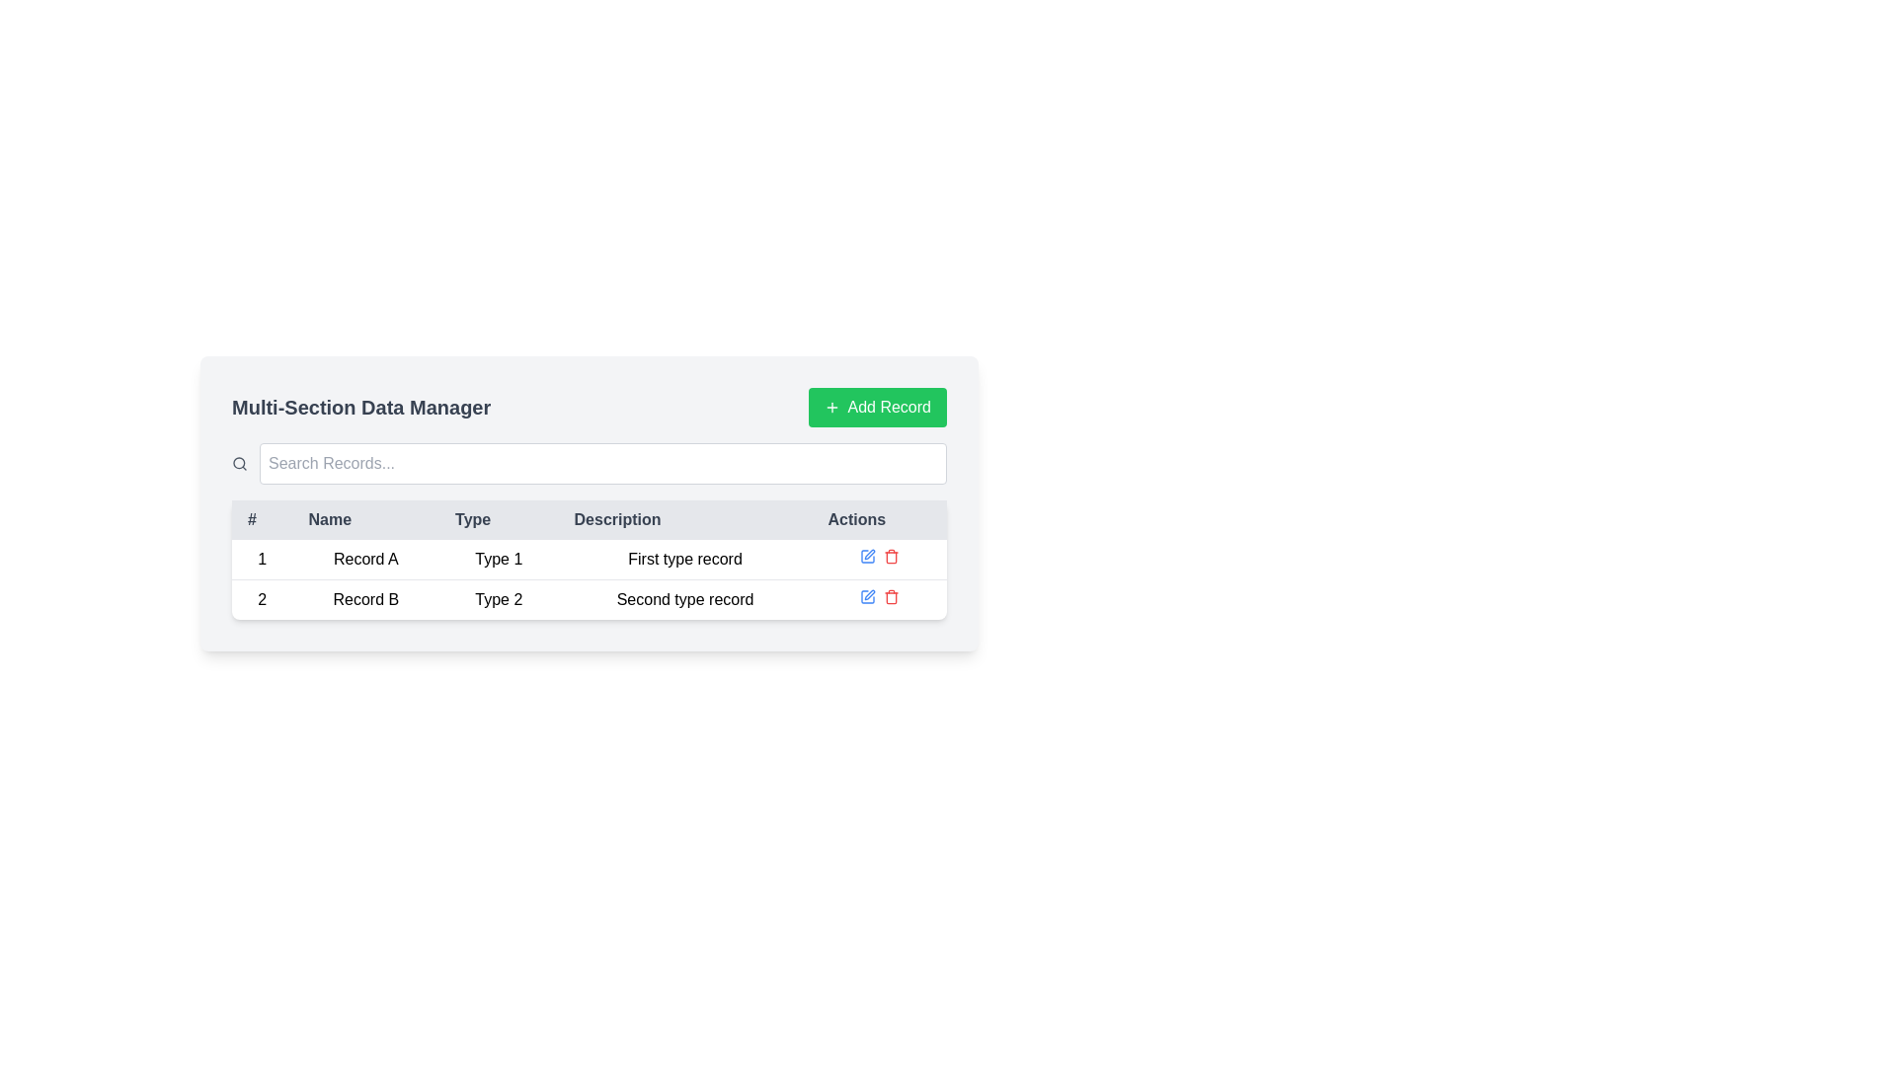  Describe the element at coordinates (361, 406) in the screenshot. I see `the prominent text label 'Multi-Section Data Manager', which is styled with a bold font and gray coloring, located at the top of the section` at that location.